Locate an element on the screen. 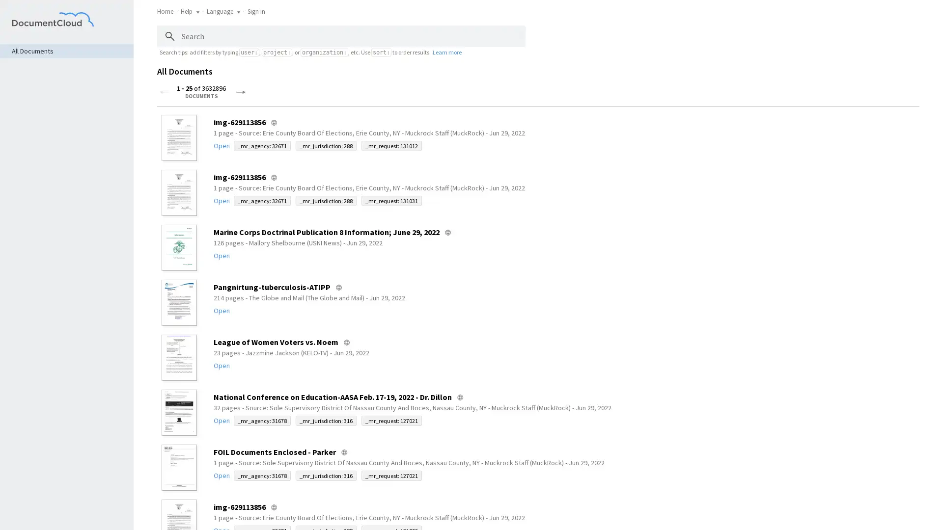  _mr_request: 127021 is located at coordinates (391, 475).